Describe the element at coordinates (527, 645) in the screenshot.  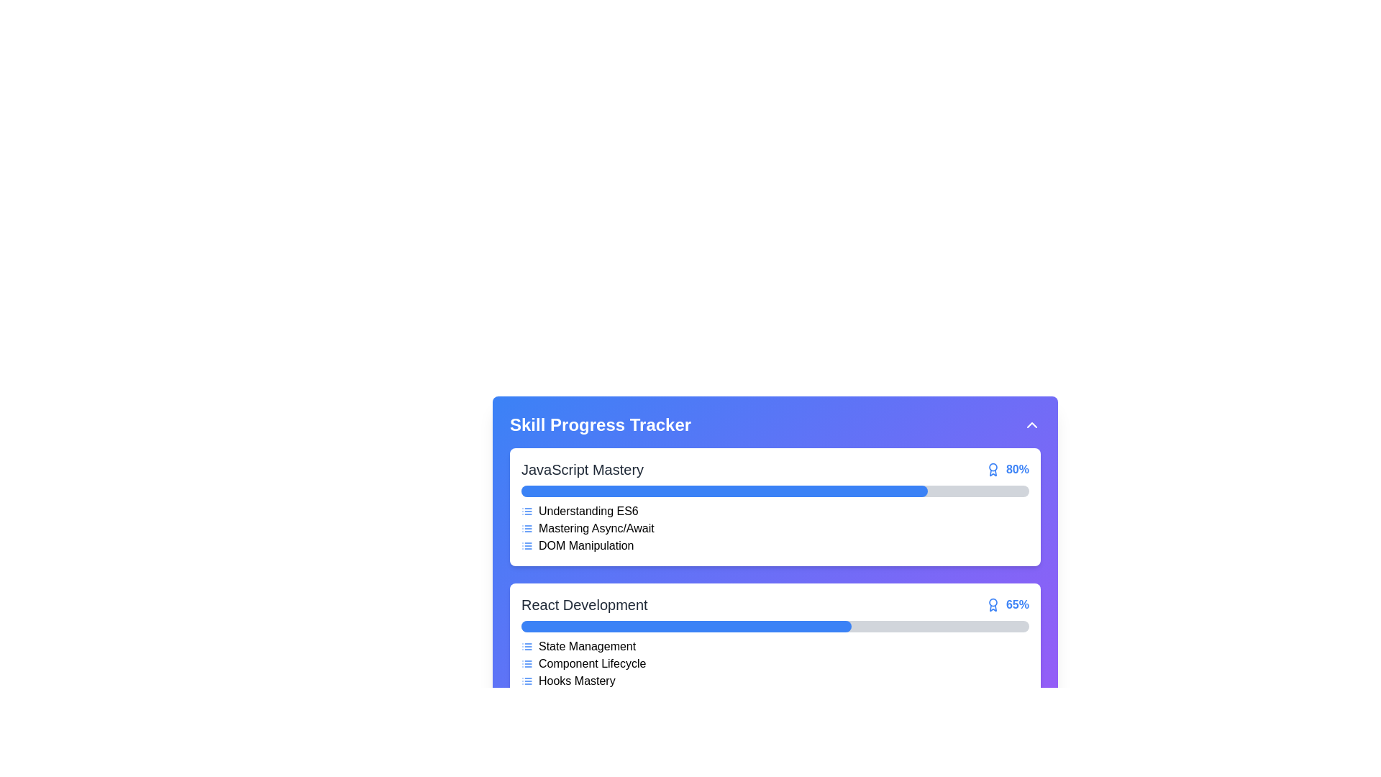
I see `the blue-colored icon resembling a list or menu located to the left of the text 'State Management' within the 'React Development' section of the progress tracker interface` at that location.